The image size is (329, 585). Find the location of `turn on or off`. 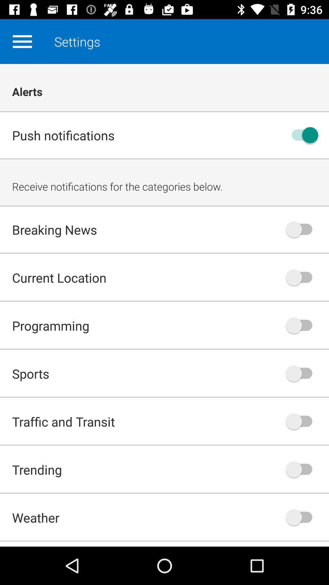

turn on or off is located at coordinates (302, 277).